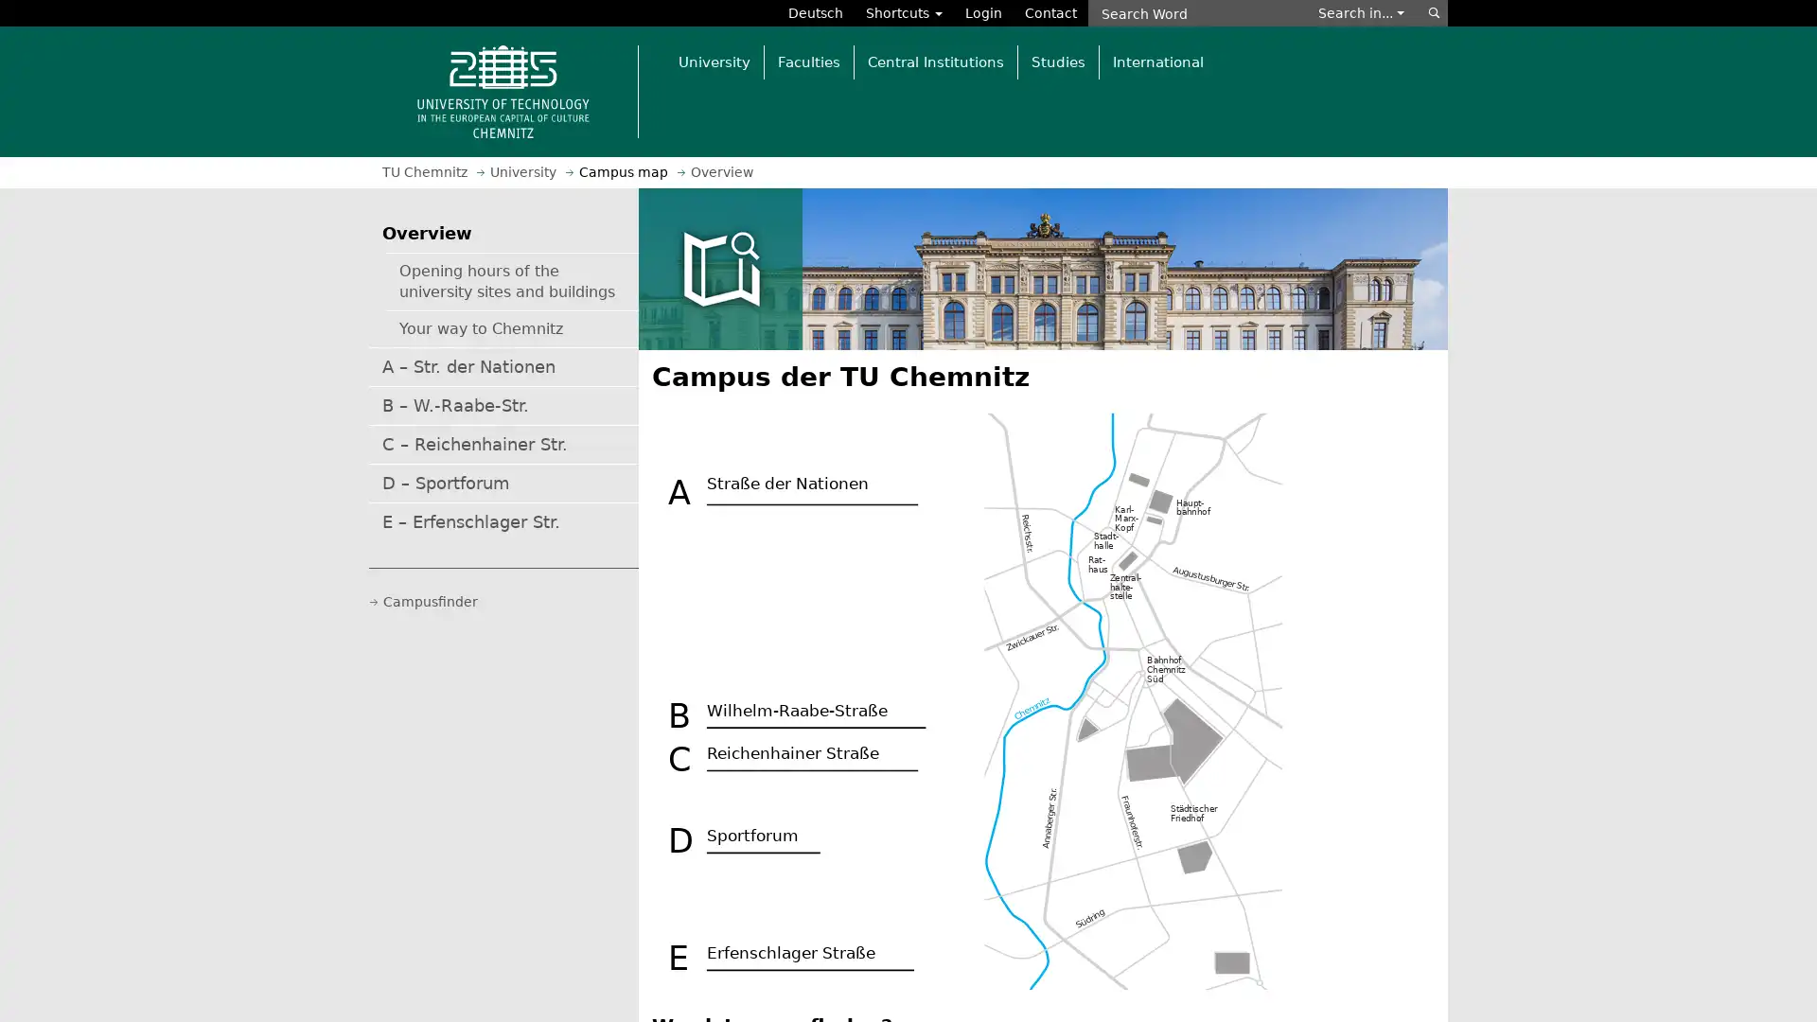  Describe the element at coordinates (808, 61) in the screenshot. I see `Faculties` at that location.